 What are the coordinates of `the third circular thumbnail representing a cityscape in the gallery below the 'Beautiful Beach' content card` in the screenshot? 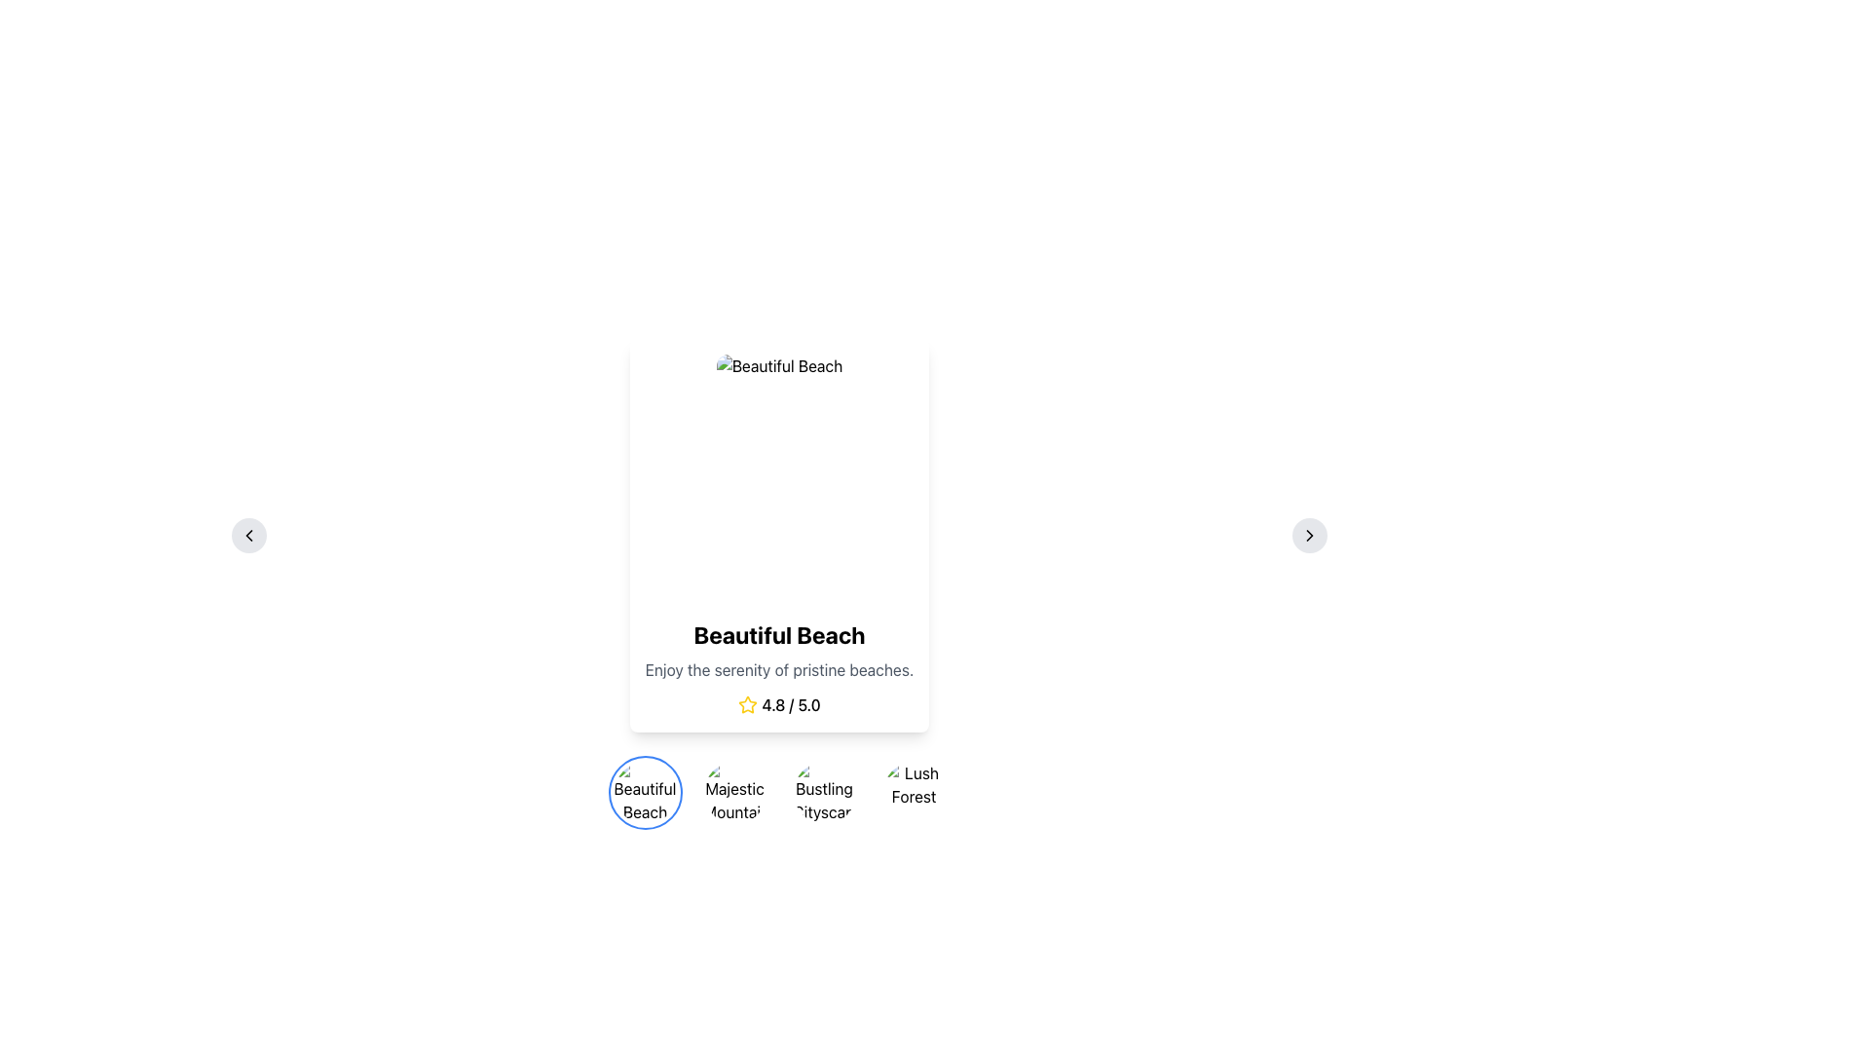 It's located at (824, 792).